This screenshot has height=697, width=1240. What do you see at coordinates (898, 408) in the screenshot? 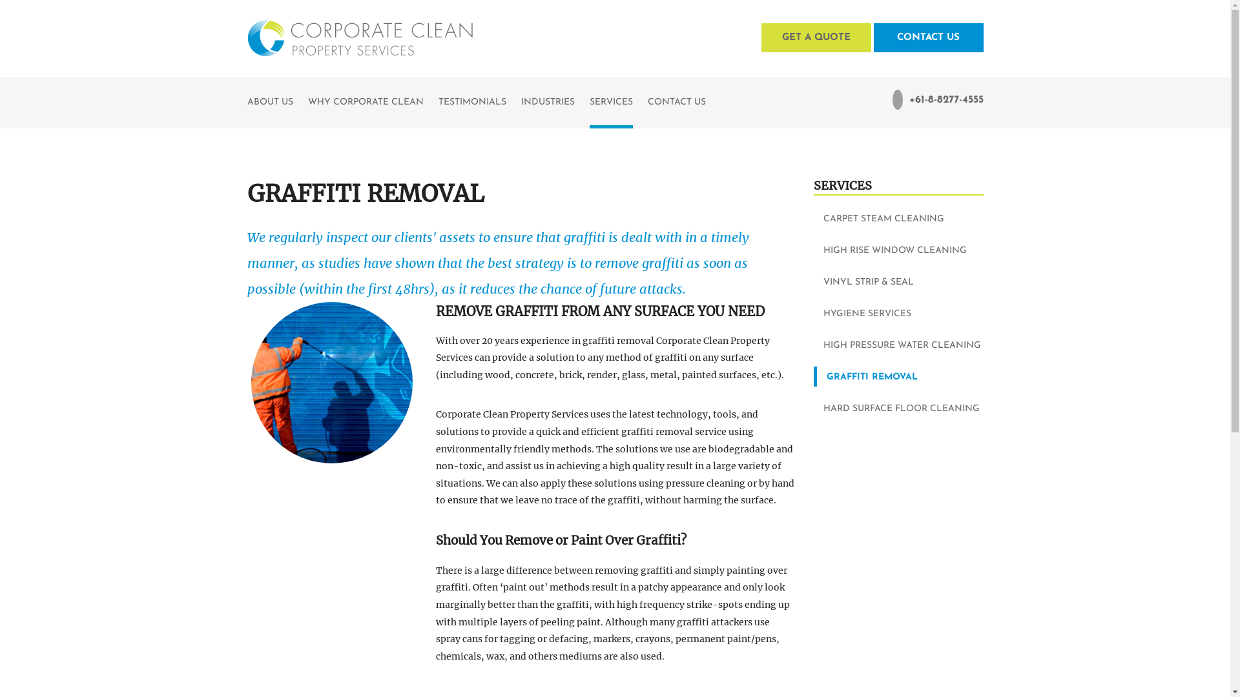
I see `'HARD SURFACE FLOOR CLEANING'` at bounding box center [898, 408].